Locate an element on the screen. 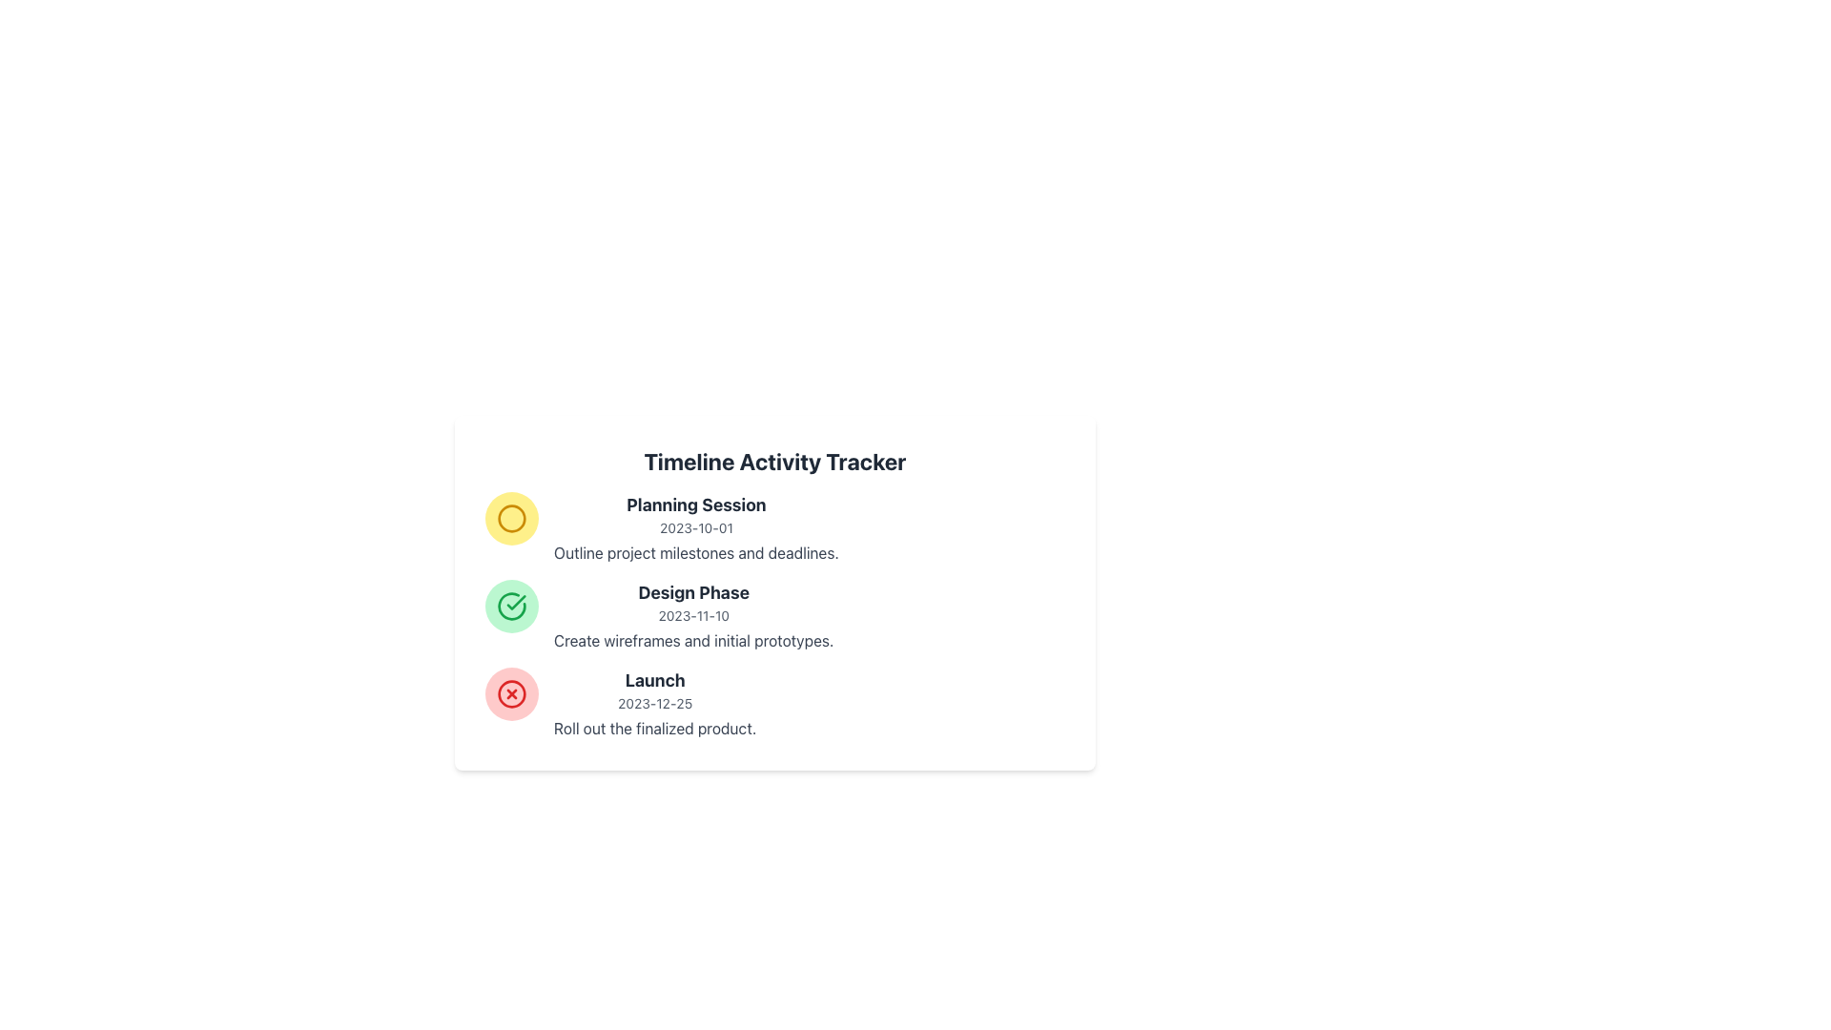 This screenshot has height=1030, width=1831. the informational text label that indicates the specific date associated with the 'Launch' phase in the project management tracker, which is positioned beneath 'Launch' and above the description 'Roll out the finalized product.' is located at coordinates (655, 703).